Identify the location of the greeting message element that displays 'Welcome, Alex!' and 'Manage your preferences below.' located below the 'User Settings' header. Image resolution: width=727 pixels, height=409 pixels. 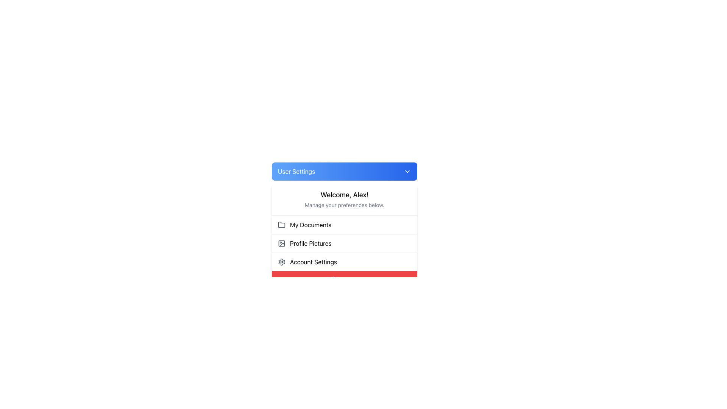
(344, 199).